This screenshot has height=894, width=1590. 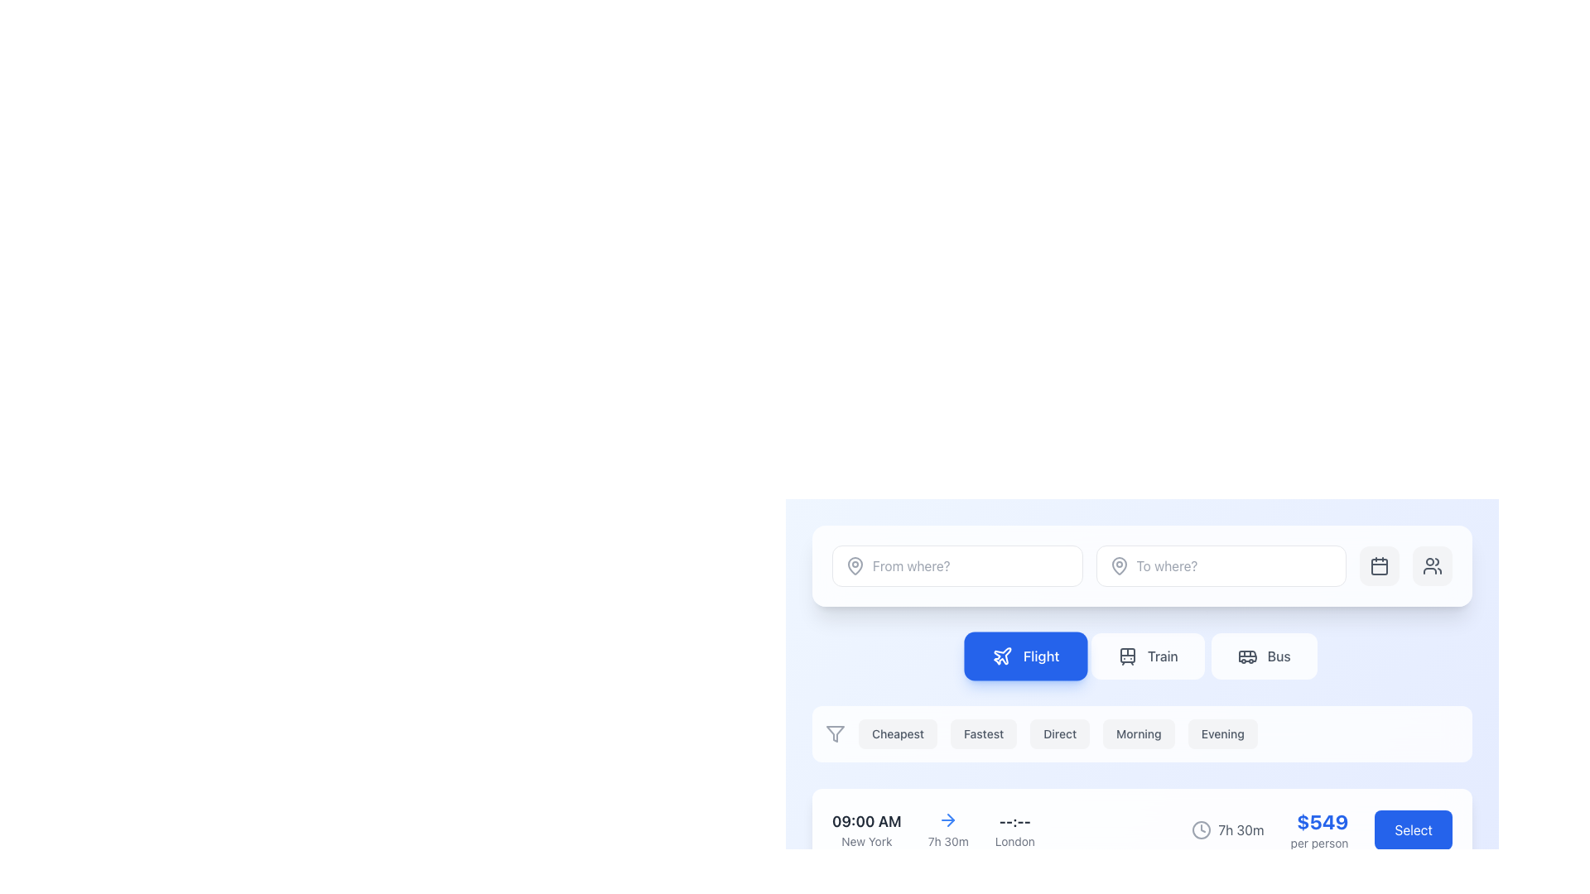 What do you see at coordinates (1431, 565) in the screenshot?
I see `the button located in the top-right section of a horizontally aligned group of elements, which is the second button in a pair, to change its background color` at bounding box center [1431, 565].